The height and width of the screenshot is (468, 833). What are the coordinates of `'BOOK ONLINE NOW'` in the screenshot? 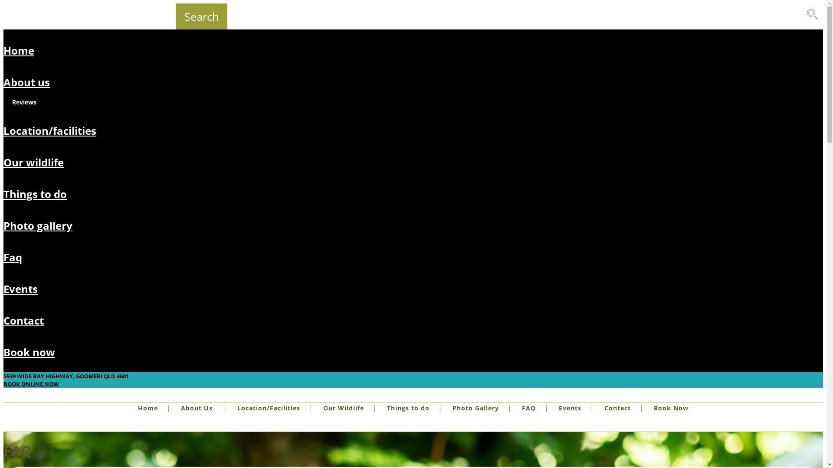 It's located at (31, 383).